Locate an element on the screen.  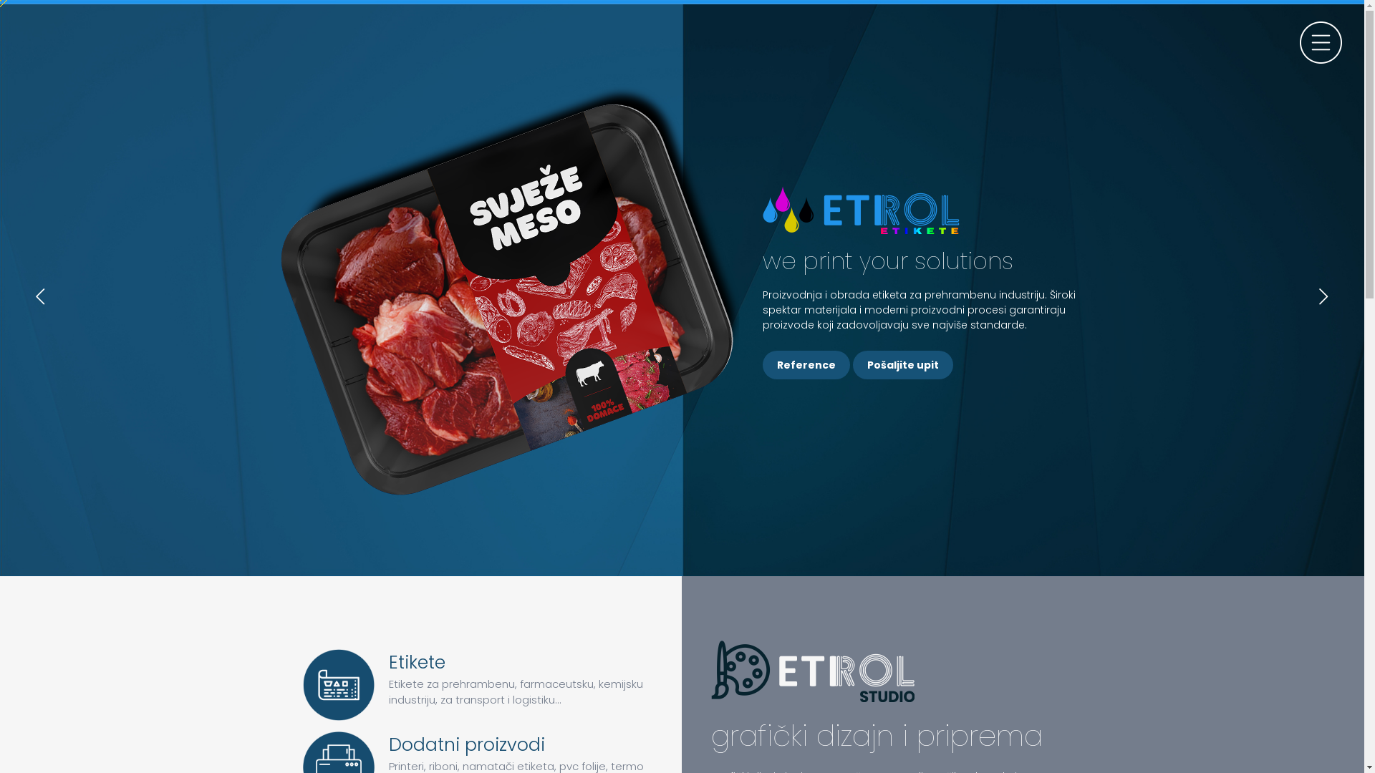
'Reference' is located at coordinates (806, 364).